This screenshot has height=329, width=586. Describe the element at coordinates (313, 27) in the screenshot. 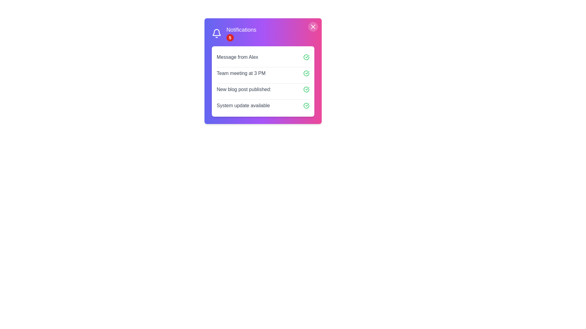

I see `the circular close button with an 'X' icon in the top-right corner of the notification panel` at that location.